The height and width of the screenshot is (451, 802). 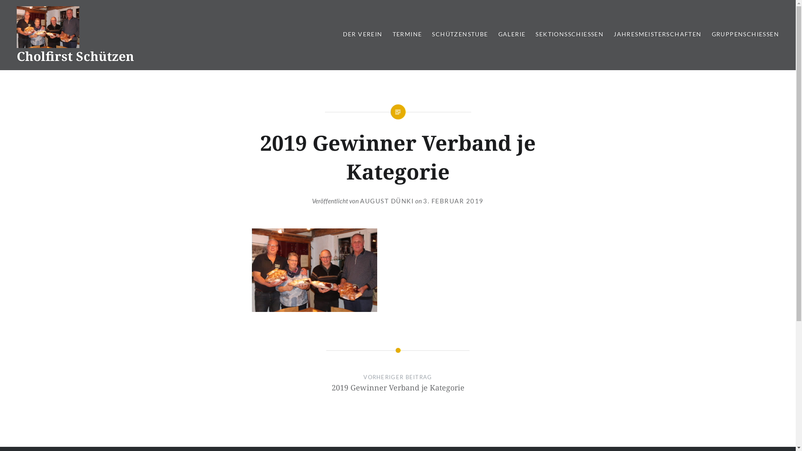 I want to click on 'SEKTIONSSCHIESSEN', so click(x=535, y=34).